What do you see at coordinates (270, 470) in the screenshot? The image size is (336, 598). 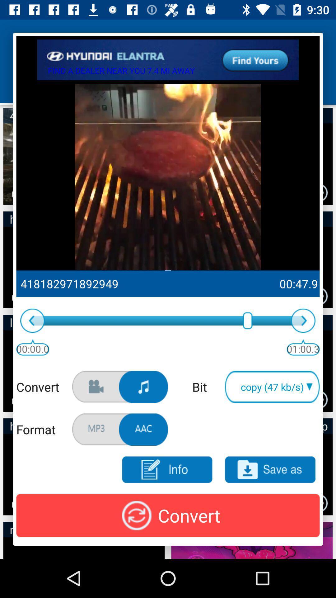 I see `the mp3` at bounding box center [270, 470].